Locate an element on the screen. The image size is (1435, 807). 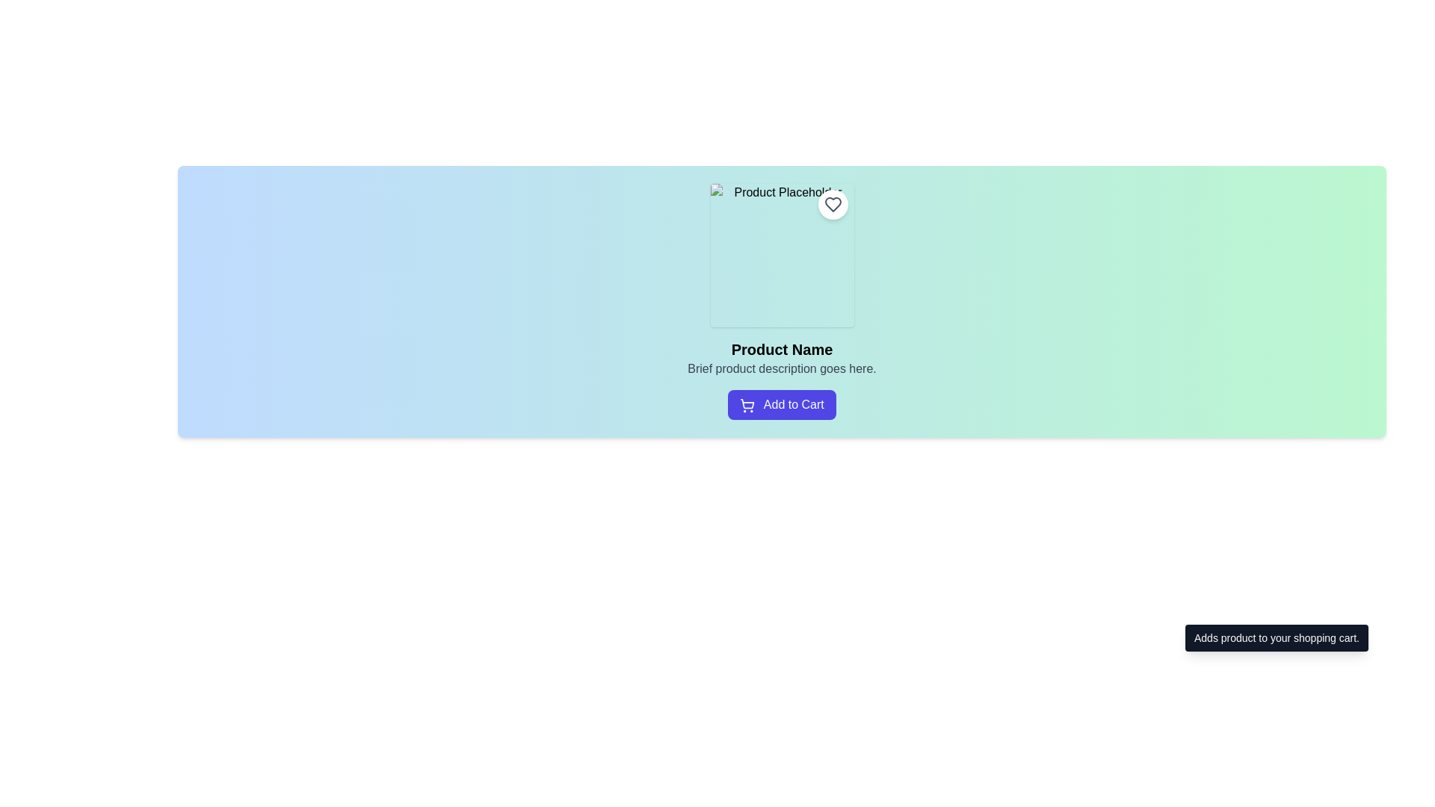
the heart-shaped icon button in the top-right corner of the product image to favorite or unfavorite the product is located at coordinates (832, 204).